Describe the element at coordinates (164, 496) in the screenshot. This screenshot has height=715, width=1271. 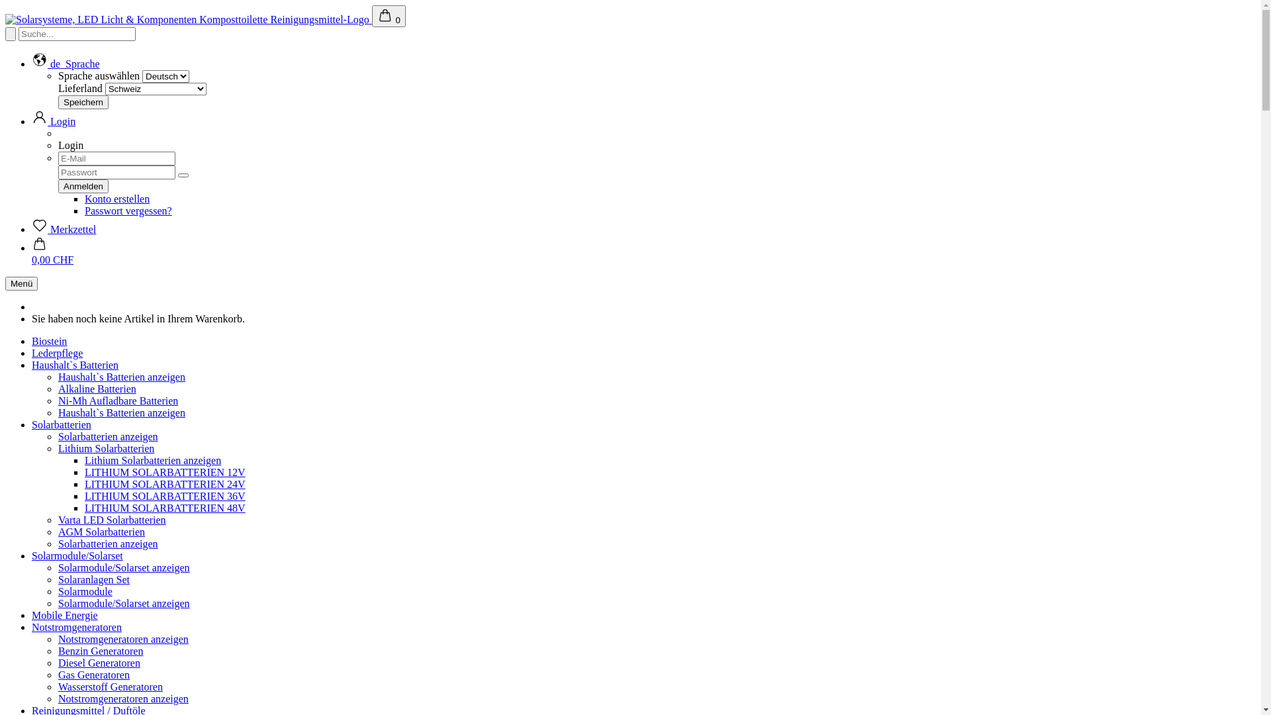
I see `'LITHIUM SOLARBATTERIEN 36V'` at that location.